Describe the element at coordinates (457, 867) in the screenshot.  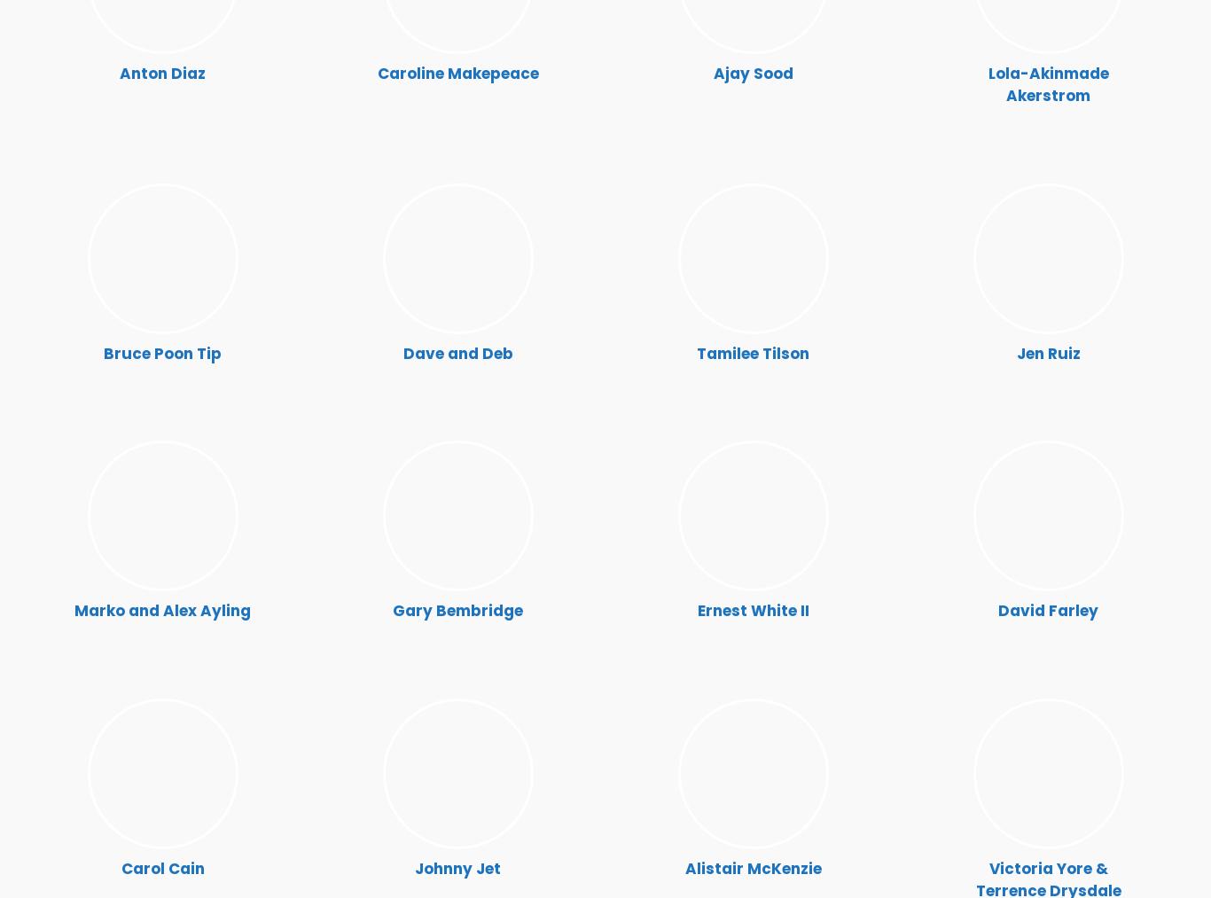
I see `'Johnny Jet'` at that location.